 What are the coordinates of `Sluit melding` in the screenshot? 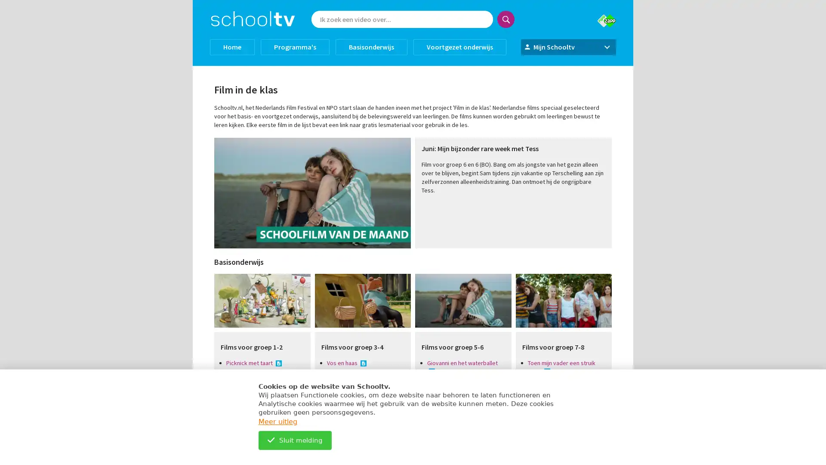 It's located at (295, 440).